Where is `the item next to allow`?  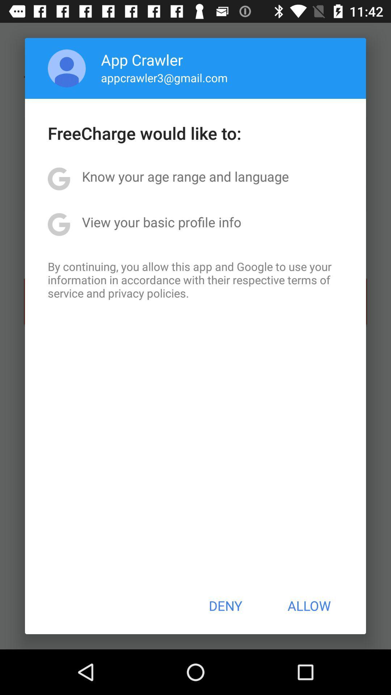
the item next to allow is located at coordinates (225, 606).